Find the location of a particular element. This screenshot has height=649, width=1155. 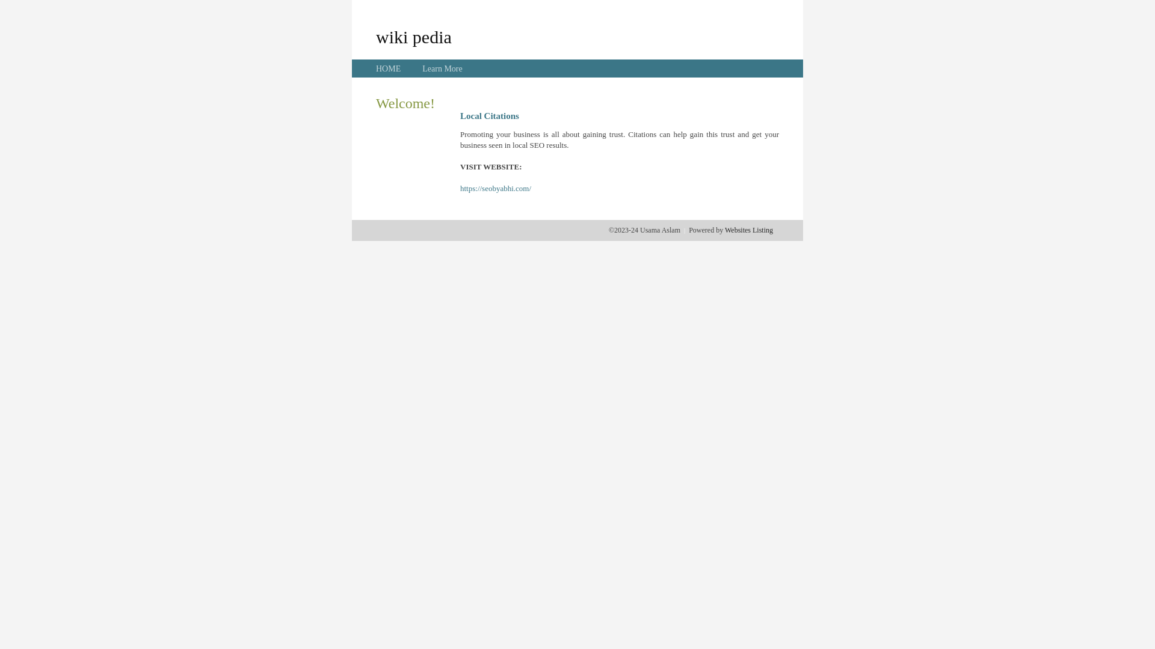

'wiki pedia' is located at coordinates (413, 36).